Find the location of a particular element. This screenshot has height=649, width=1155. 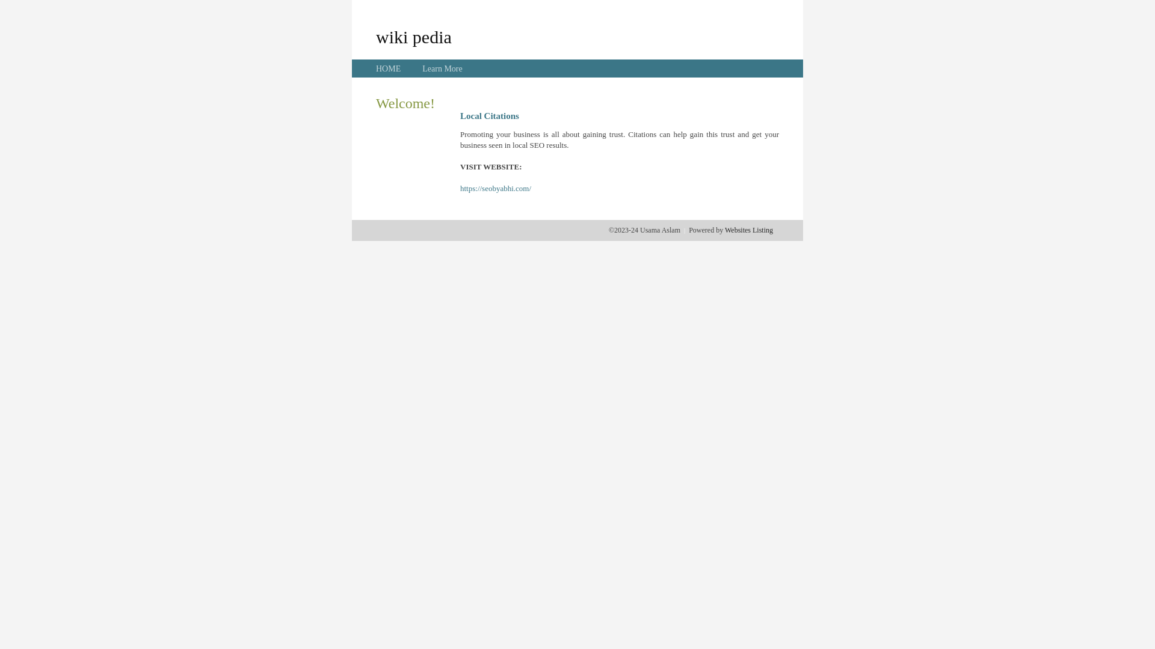

'wiki pedia' is located at coordinates (413, 36).